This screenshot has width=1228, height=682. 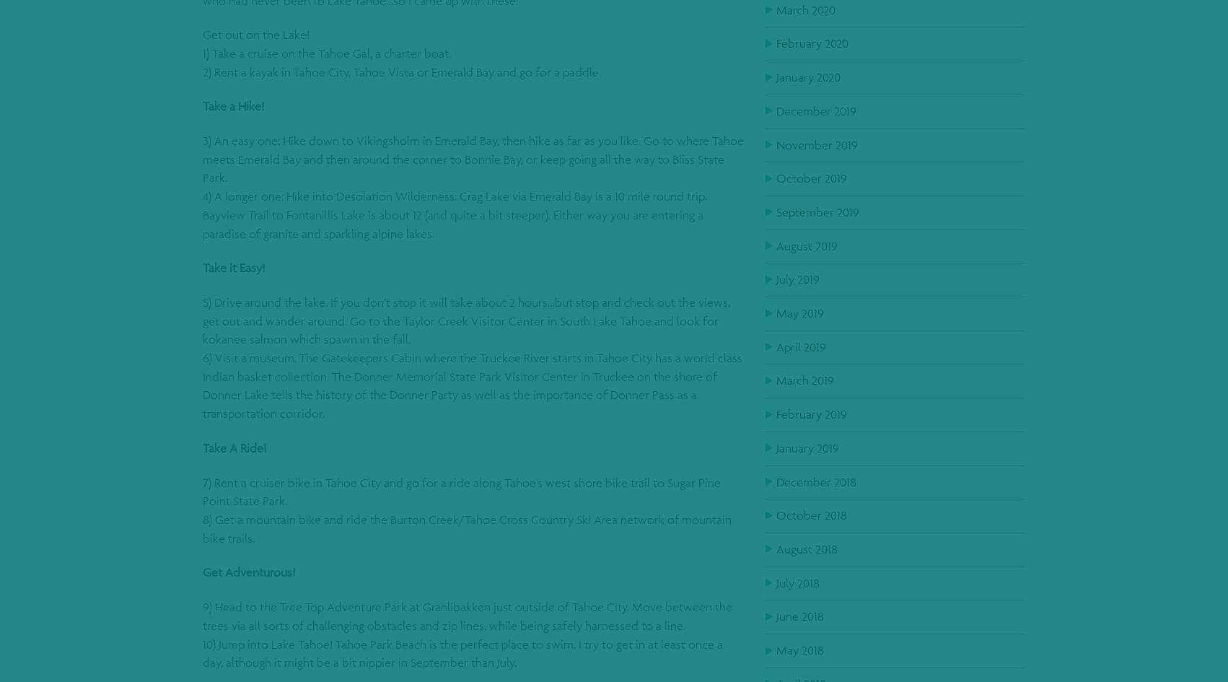 What do you see at coordinates (811, 178) in the screenshot?
I see `'October 2019'` at bounding box center [811, 178].